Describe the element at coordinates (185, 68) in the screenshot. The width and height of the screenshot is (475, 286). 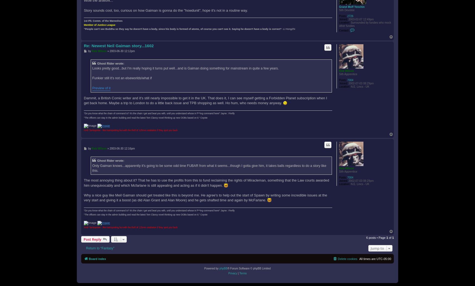
I see `'Looks pretty good...but I'm really hoping it turns put well...and is Gaiman doing something for mainstream in quite a few years.'` at that location.